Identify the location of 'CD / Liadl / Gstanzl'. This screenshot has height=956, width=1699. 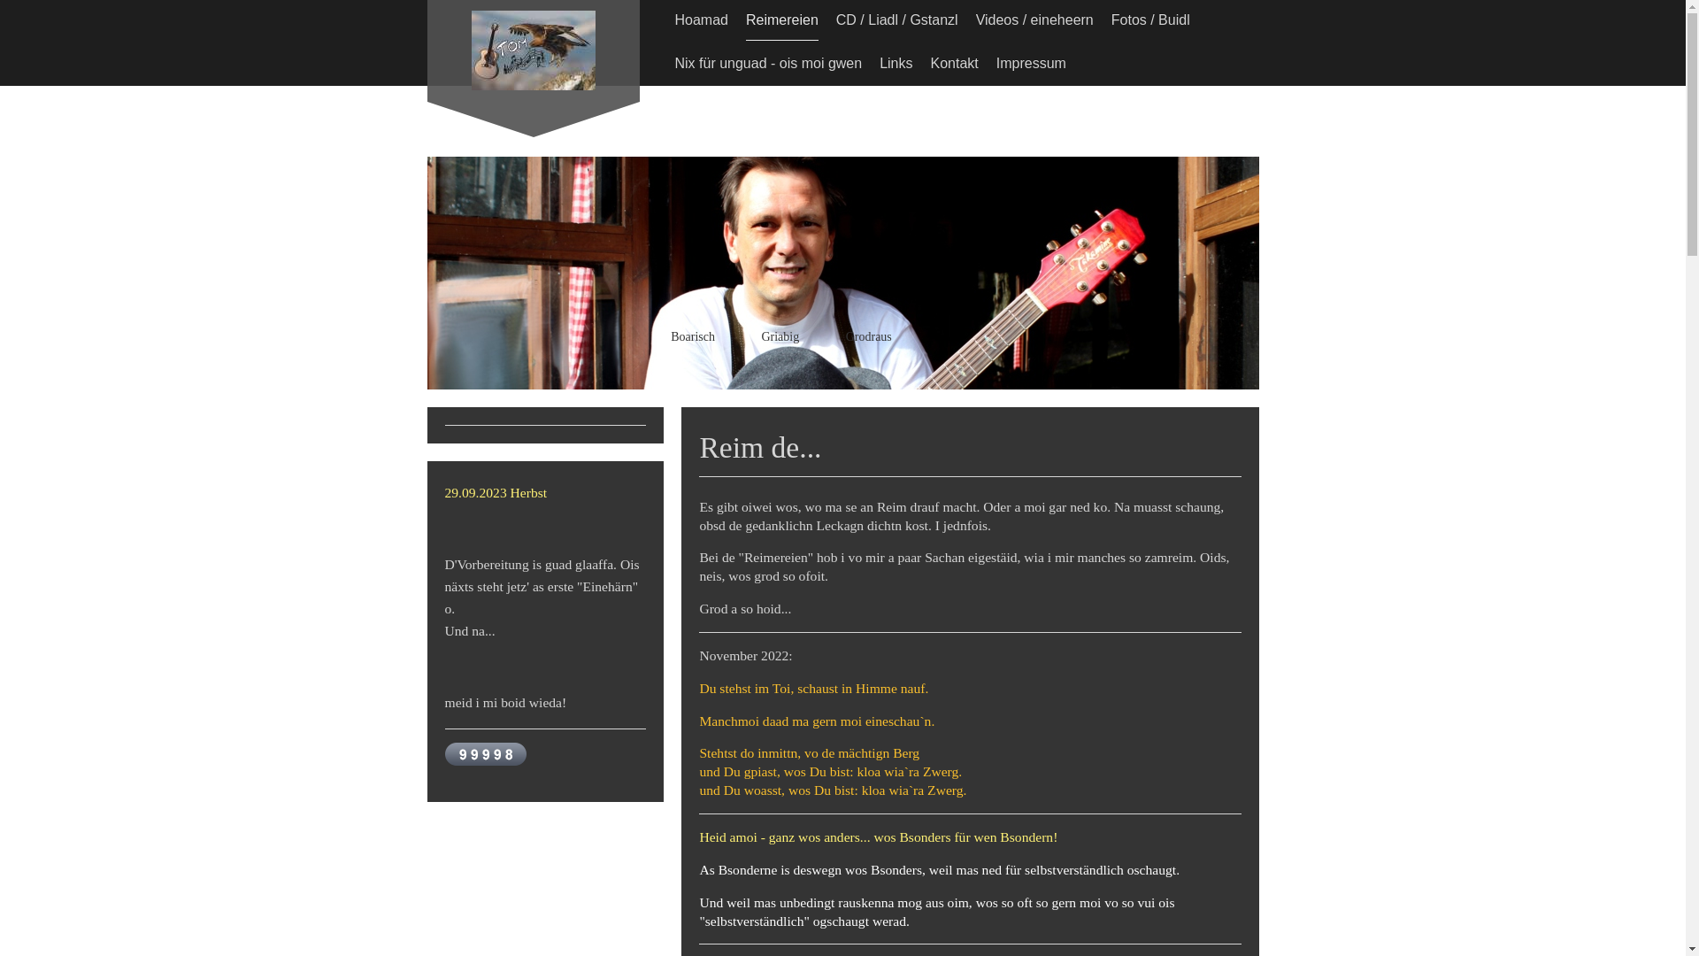
(896, 20).